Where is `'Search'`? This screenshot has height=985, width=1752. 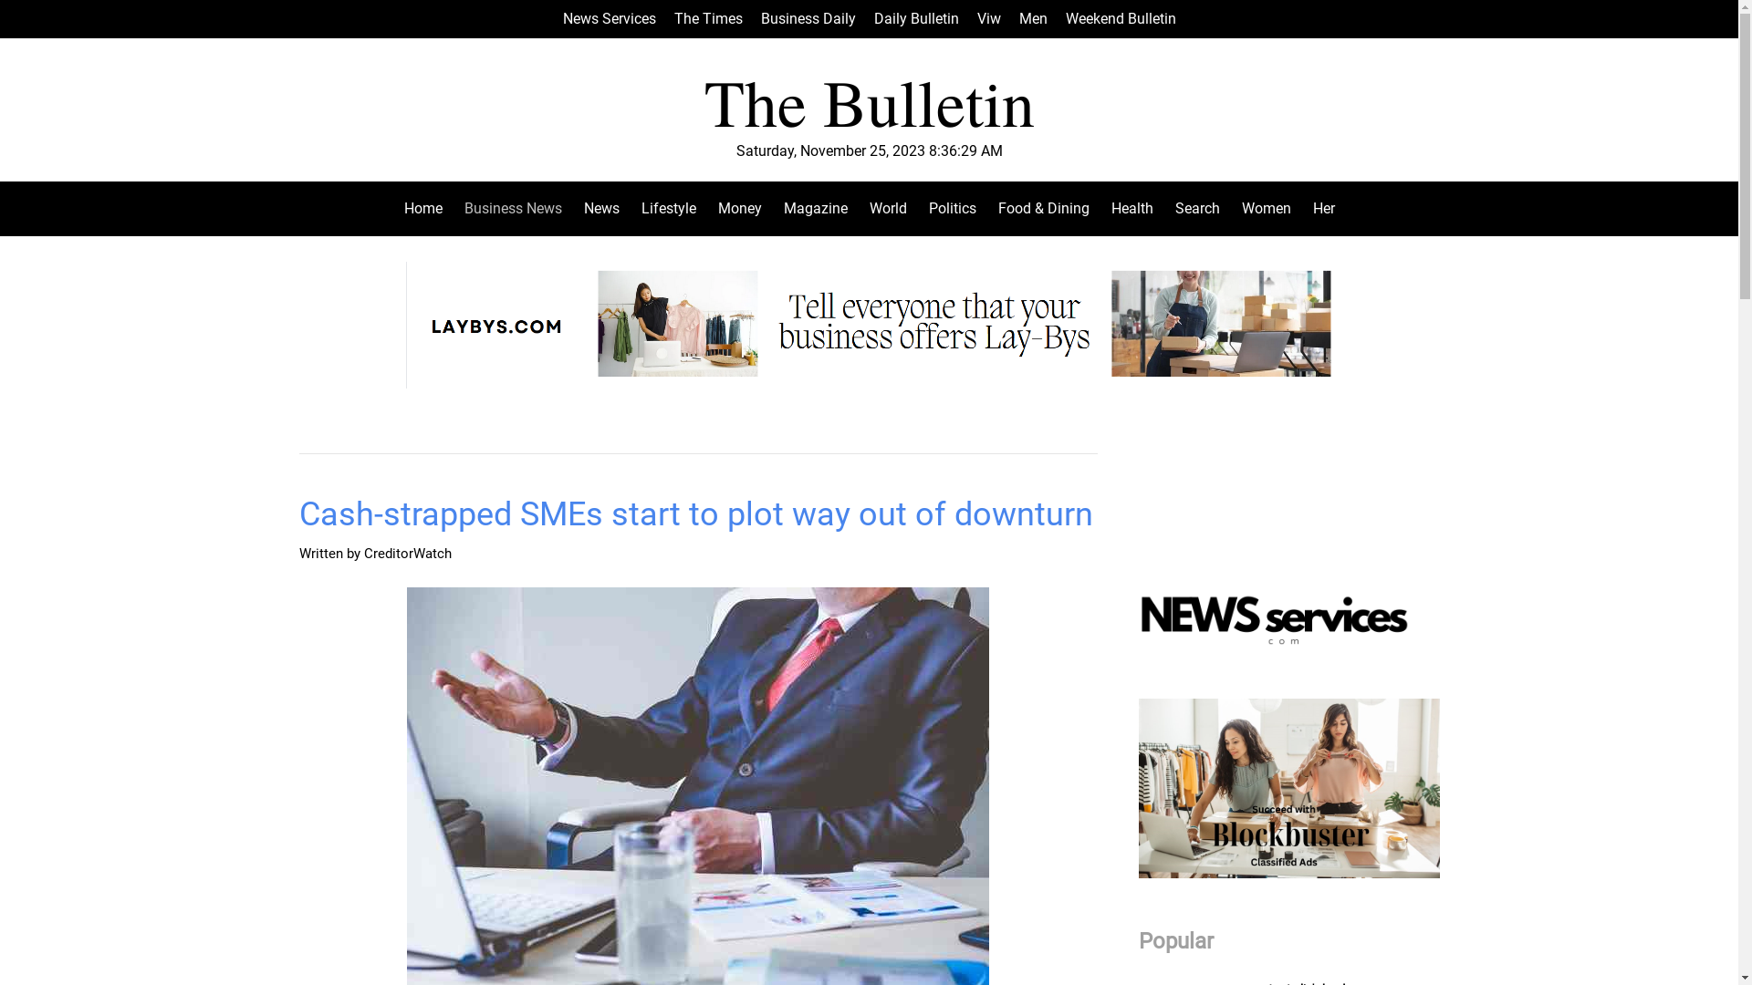
'Search' is located at coordinates (1163, 207).